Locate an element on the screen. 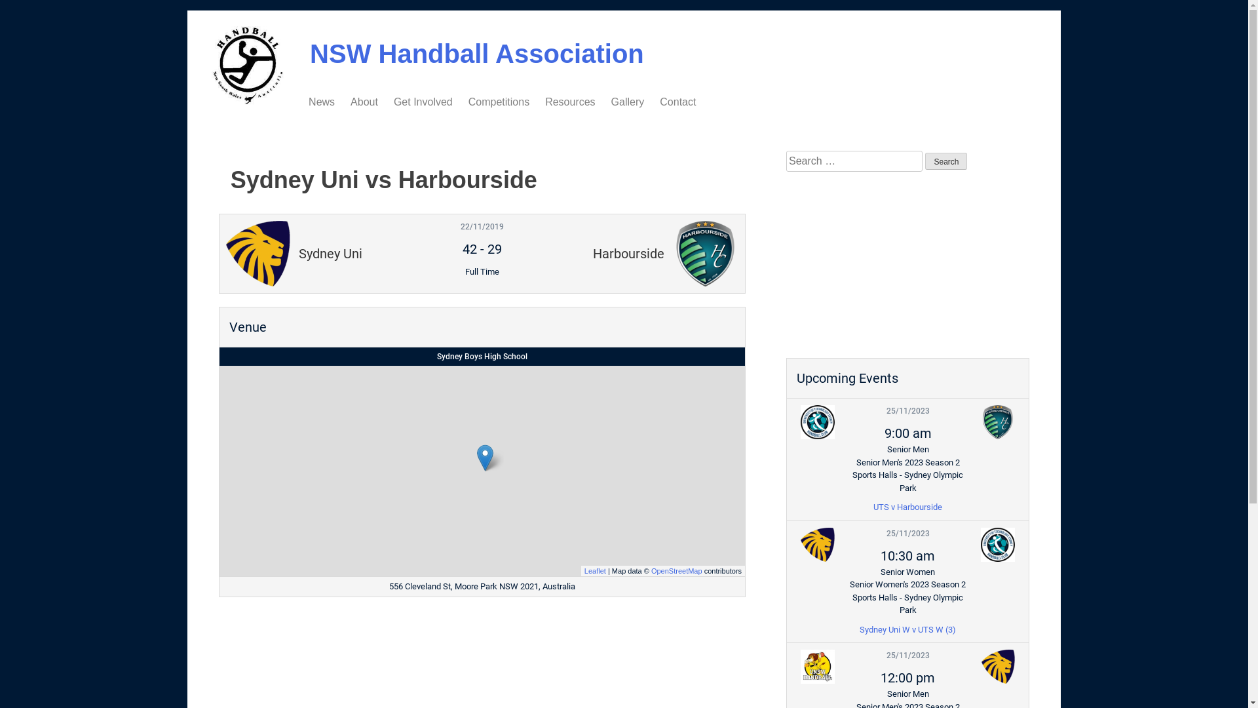  '12:00 pm' is located at coordinates (907, 677).